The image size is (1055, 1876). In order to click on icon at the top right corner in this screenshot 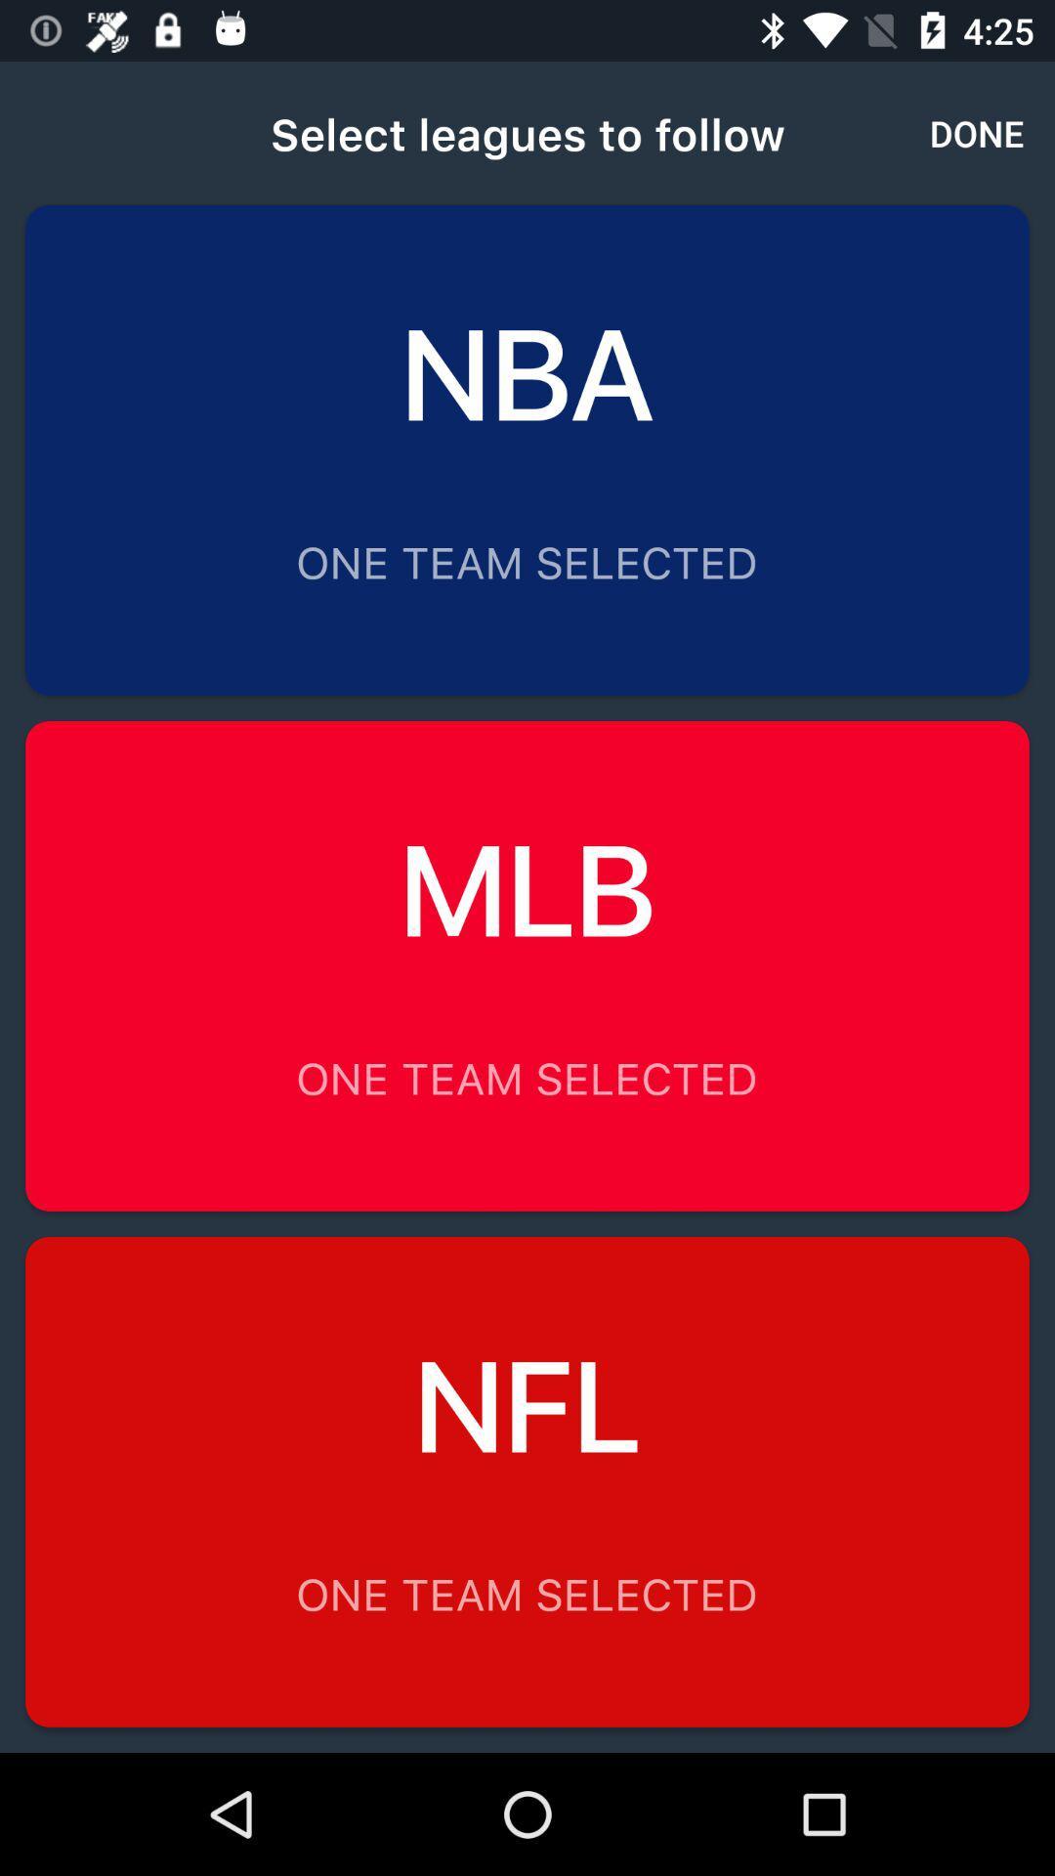, I will do `click(977, 132)`.